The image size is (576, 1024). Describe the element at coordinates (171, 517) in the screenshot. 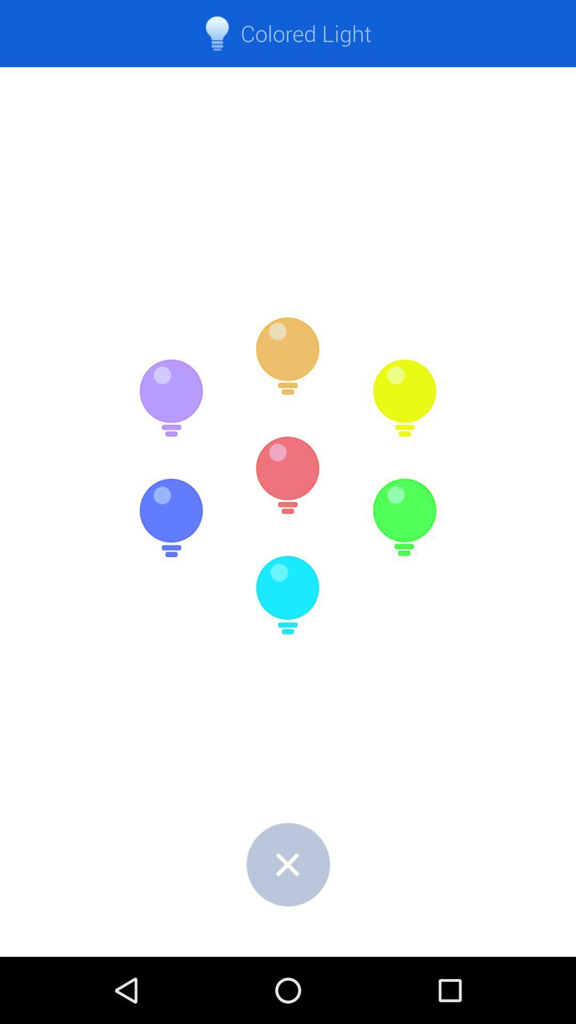

I see `light` at that location.